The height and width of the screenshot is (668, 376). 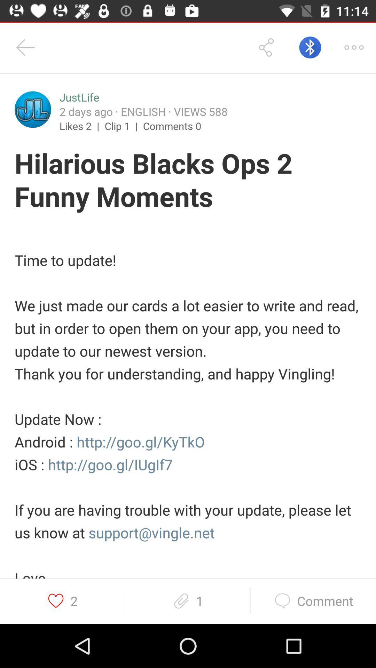 I want to click on clip 1  |   icon, so click(x=123, y=126).